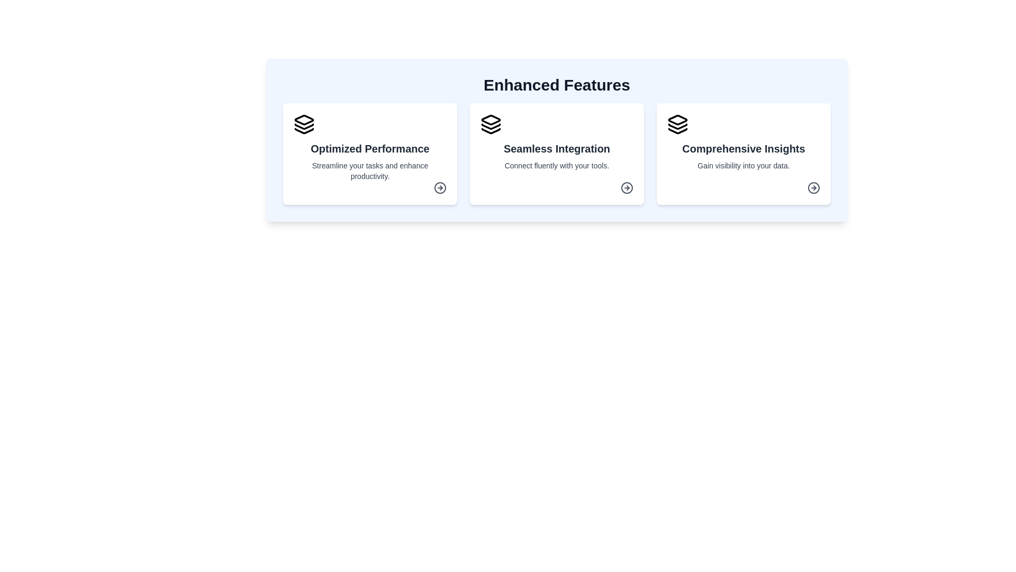 Image resolution: width=1016 pixels, height=572 pixels. Describe the element at coordinates (490, 119) in the screenshot. I see `the decorative icon representing 'Seamless Integration' in the second card of the 'Enhanced Features' section` at that location.